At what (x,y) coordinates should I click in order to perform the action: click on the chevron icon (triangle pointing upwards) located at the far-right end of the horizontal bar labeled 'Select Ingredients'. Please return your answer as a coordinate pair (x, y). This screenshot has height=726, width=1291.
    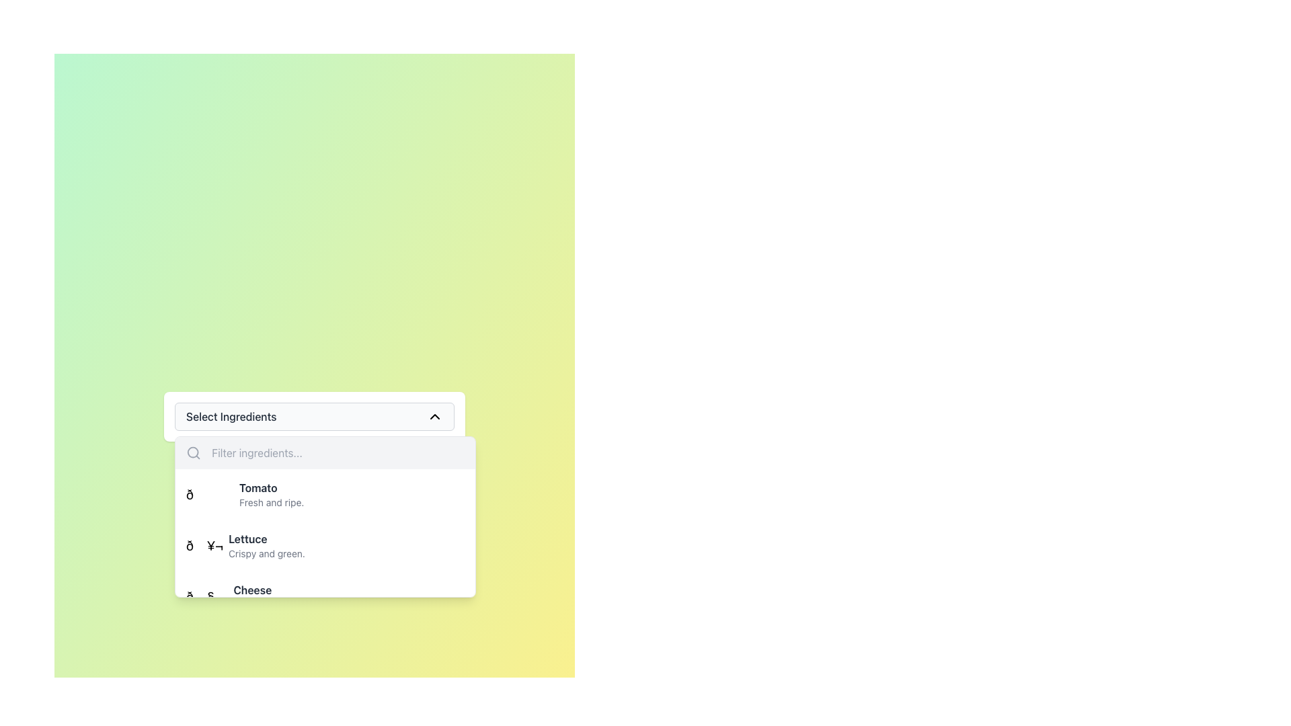
    Looking at the image, I should click on (435, 416).